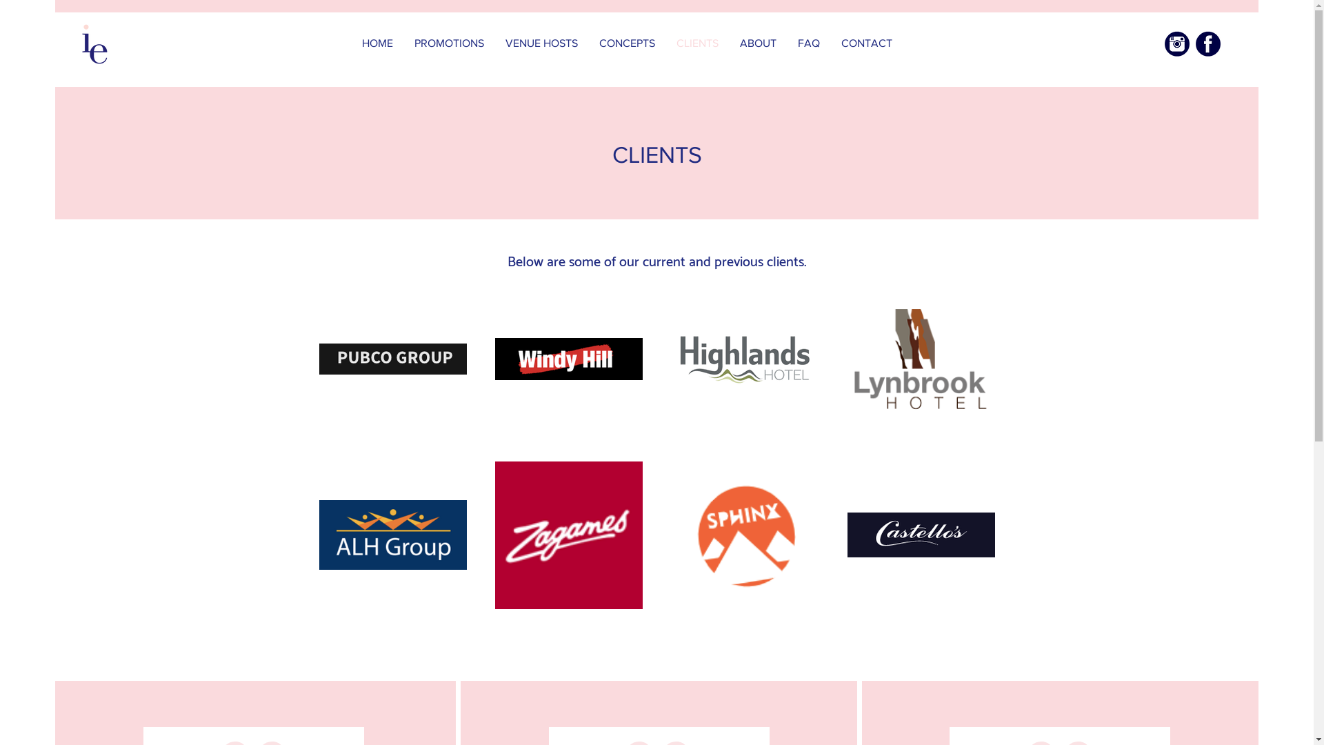  Describe the element at coordinates (698, 42) in the screenshot. I see `'CLIENTS'` at that location.